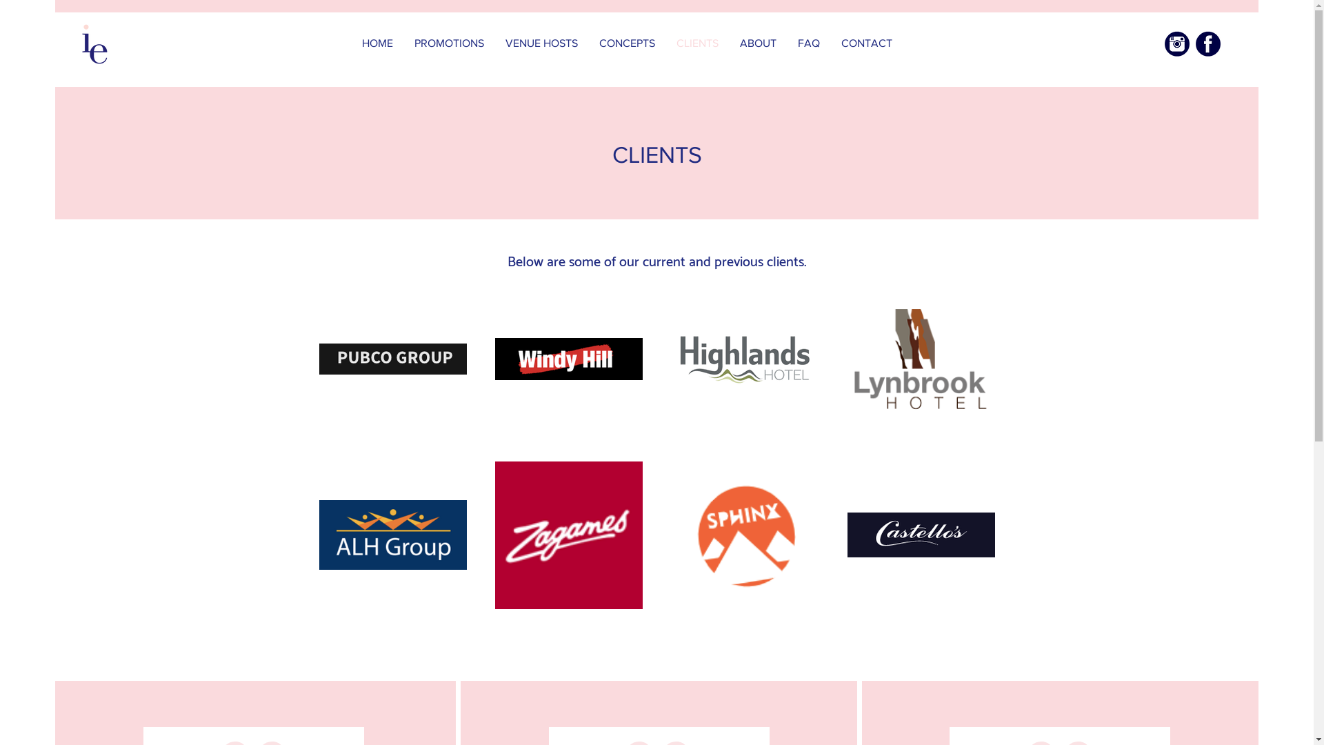  Describe the element at coordinates (698, 42) in the screenshot. I see `'CLIENTS'` at that location.